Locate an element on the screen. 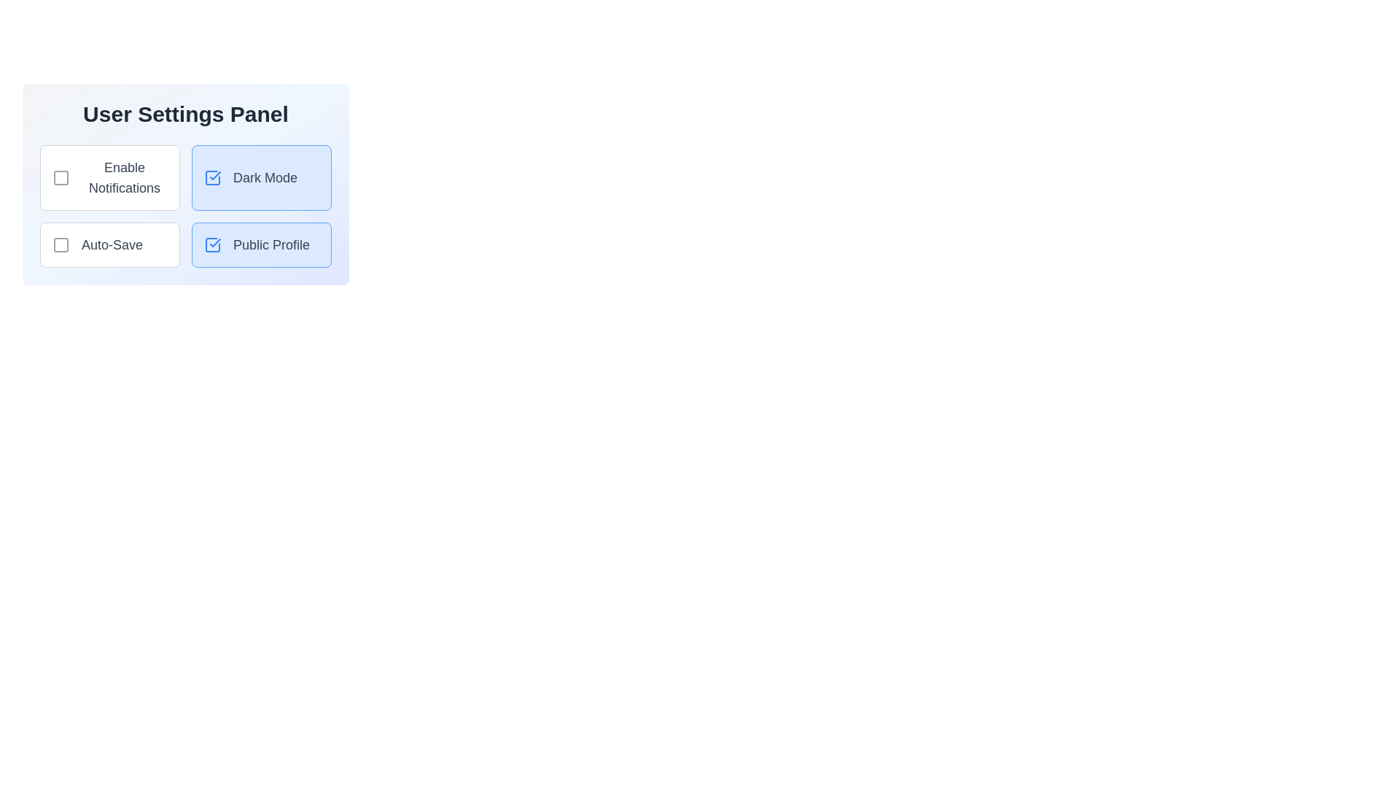 This screenshot has width=1400, height=788. the text label displaying 'Auto-Save' which is styled with medium-sized font and dark-gray color, located within the bottom-left quadrant of the 'User Settings Panel' is located at coordinates (111, 244).